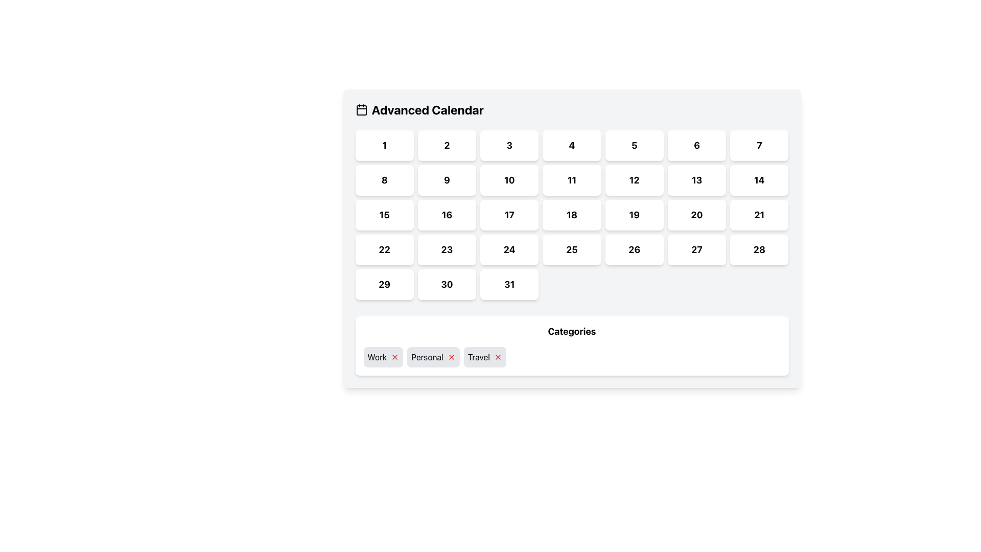 This screenshot has height=552, width=981. What do you see at coordinates (759, 179) in the screenshot?
I see `text displayed in the bold, large font label showing the number '14', which is part of a button-like component resembling a calendar date button` at bounding box center [759, 179].